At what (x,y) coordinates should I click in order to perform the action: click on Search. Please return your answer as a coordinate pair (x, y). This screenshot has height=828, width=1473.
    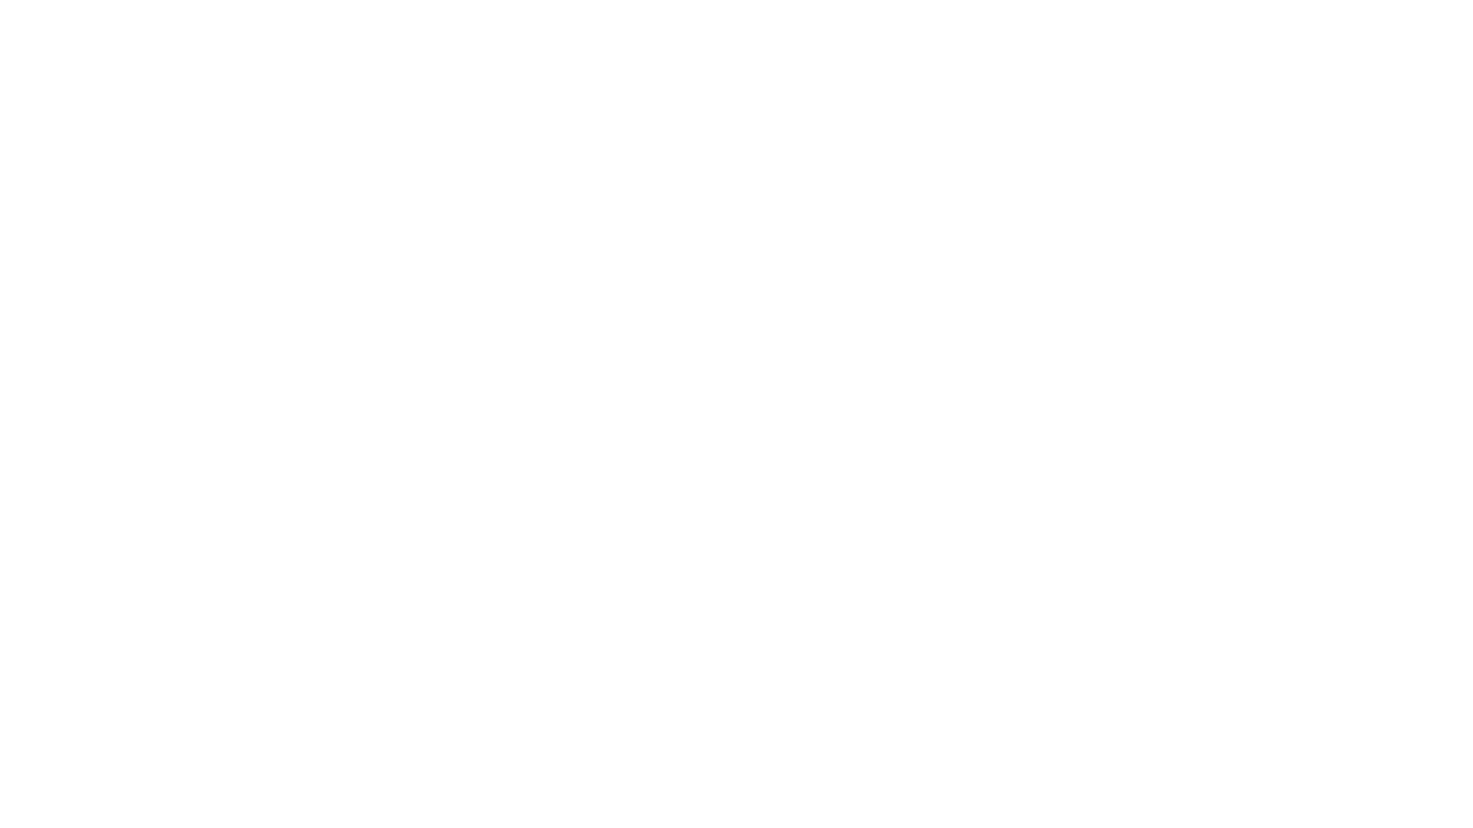
    Looking at the image, I should click on (1289, 73).